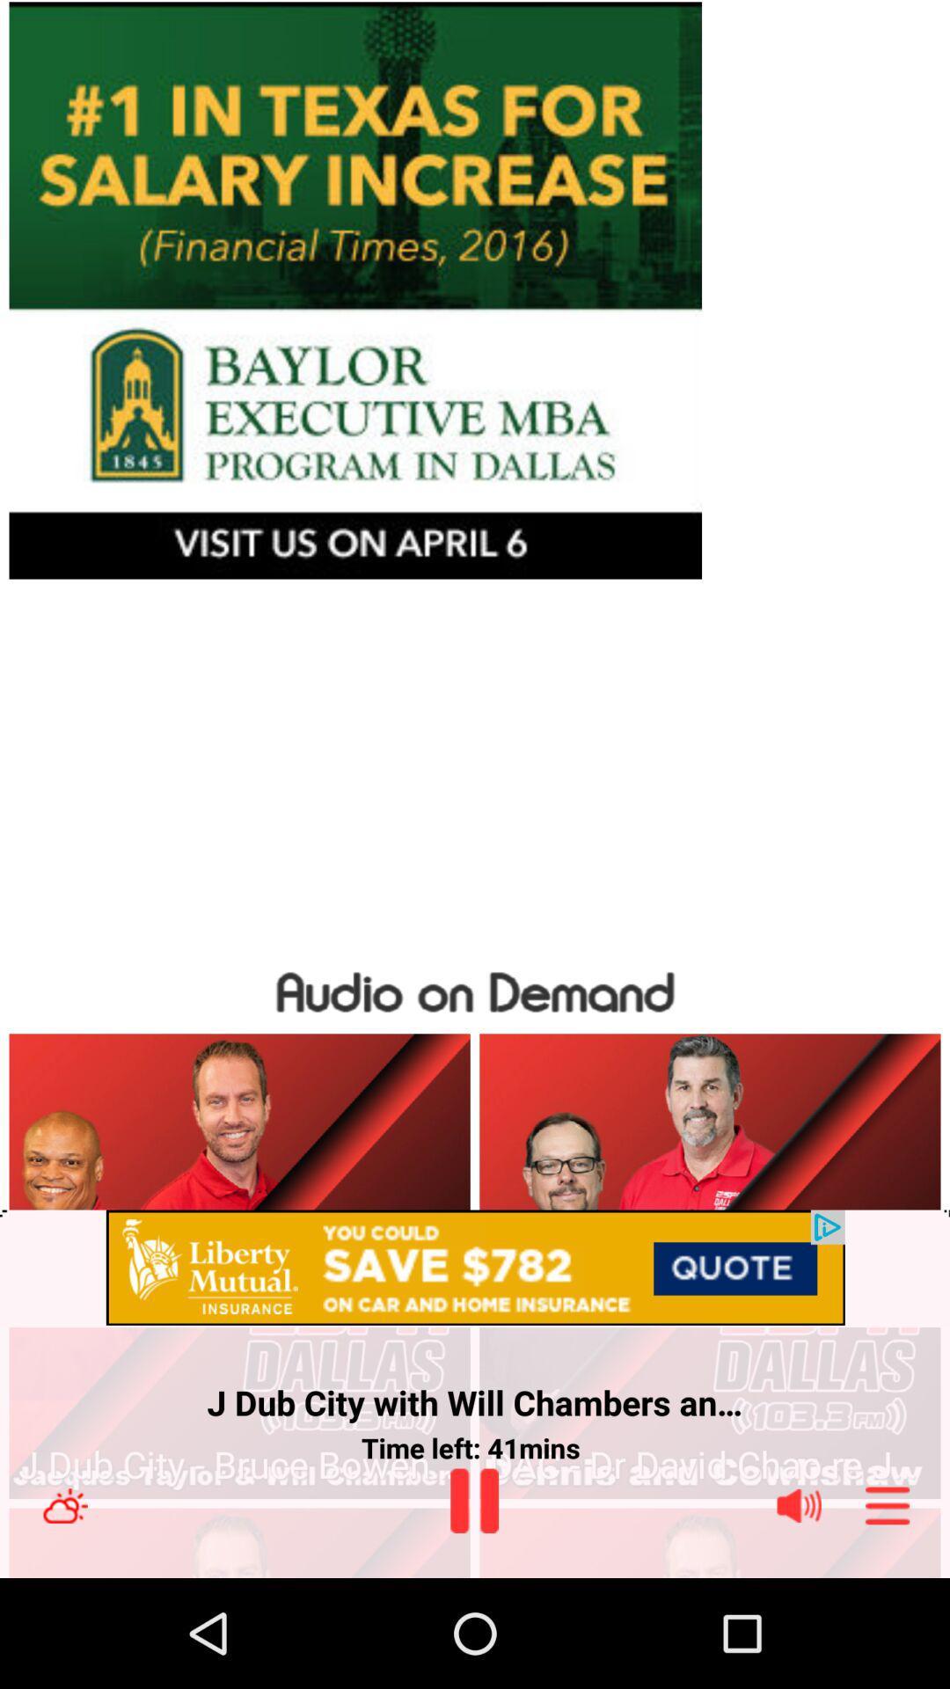  Describe the element at coordinates (475, 1269) in the screenshot. I see `advertisement` at that location.